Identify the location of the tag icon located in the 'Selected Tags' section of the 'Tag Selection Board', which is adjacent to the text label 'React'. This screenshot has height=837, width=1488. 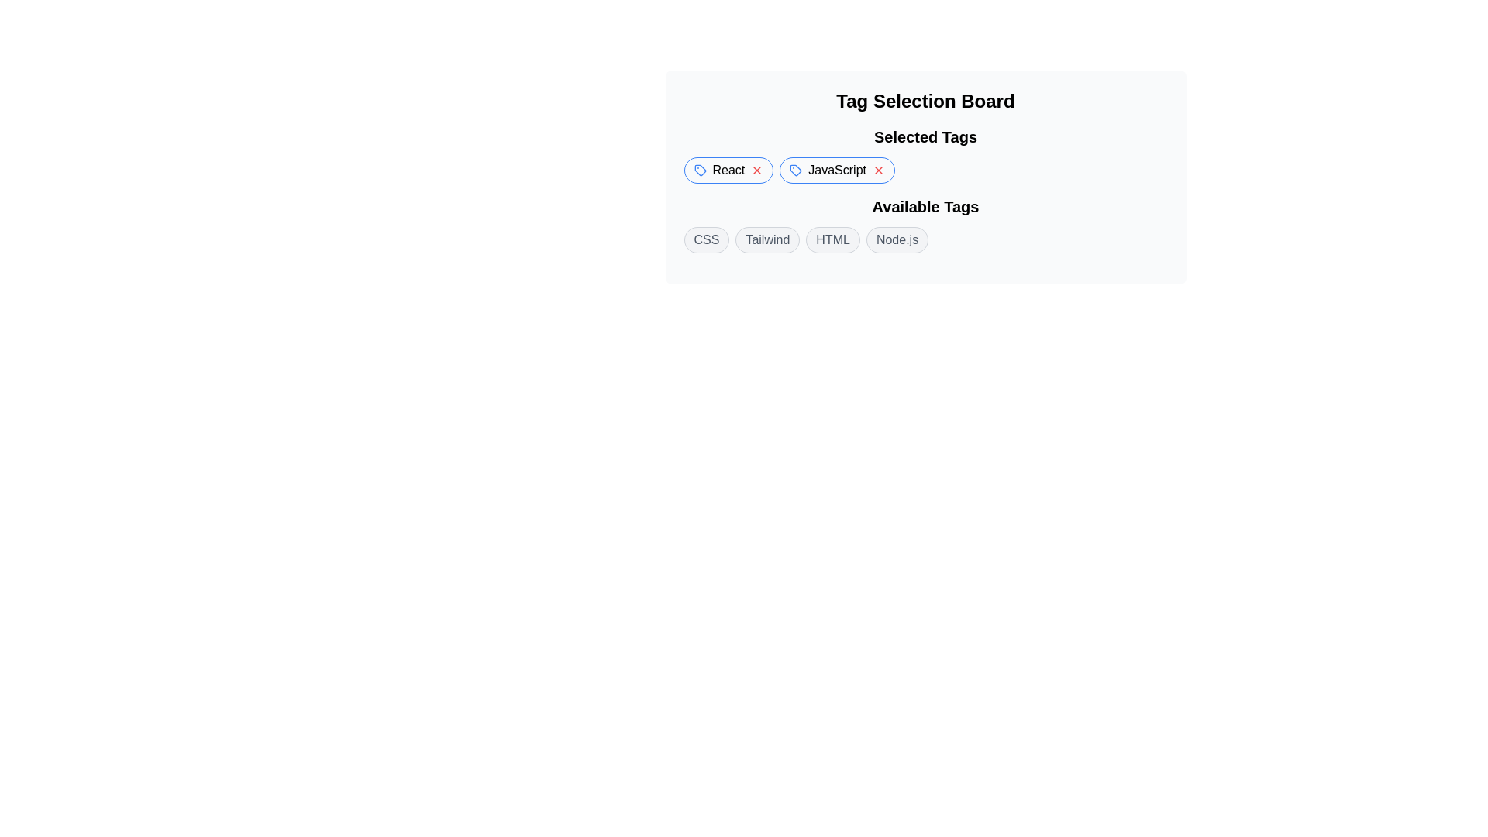
(796, 170).